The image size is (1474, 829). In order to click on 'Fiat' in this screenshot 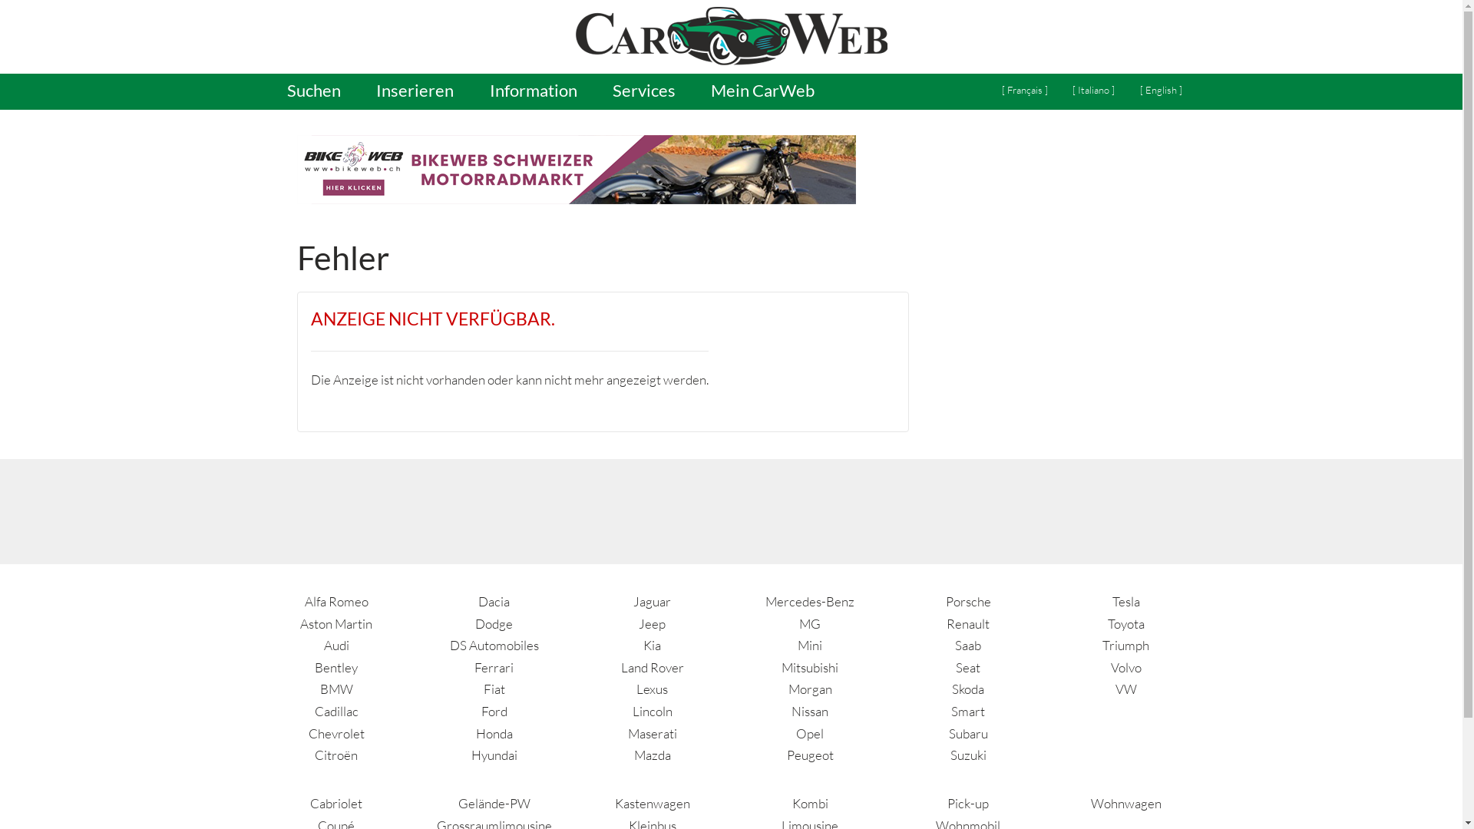, I will do `click(494, 688)`.